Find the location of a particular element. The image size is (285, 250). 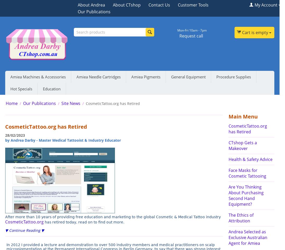

'About Andrea' is located at coordinates (91, 5).